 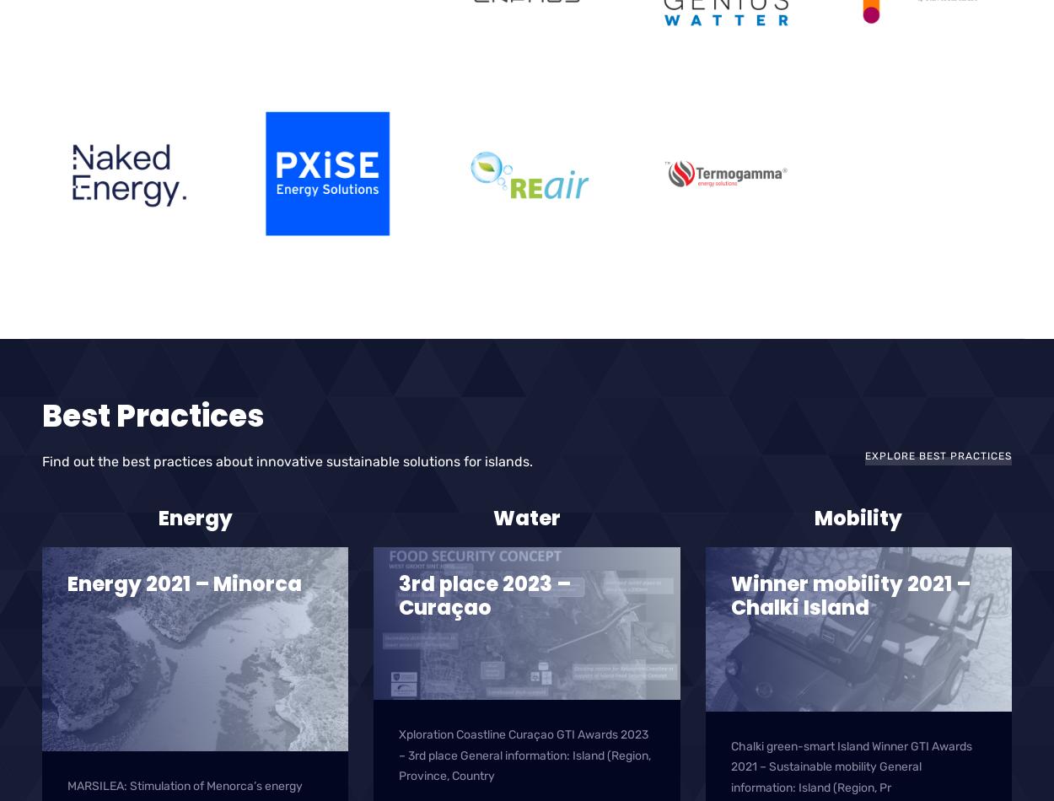 What do you see at coordinates (492, 518) in the screenshot?
I see `'Water'` at bounding box center [492, 518].